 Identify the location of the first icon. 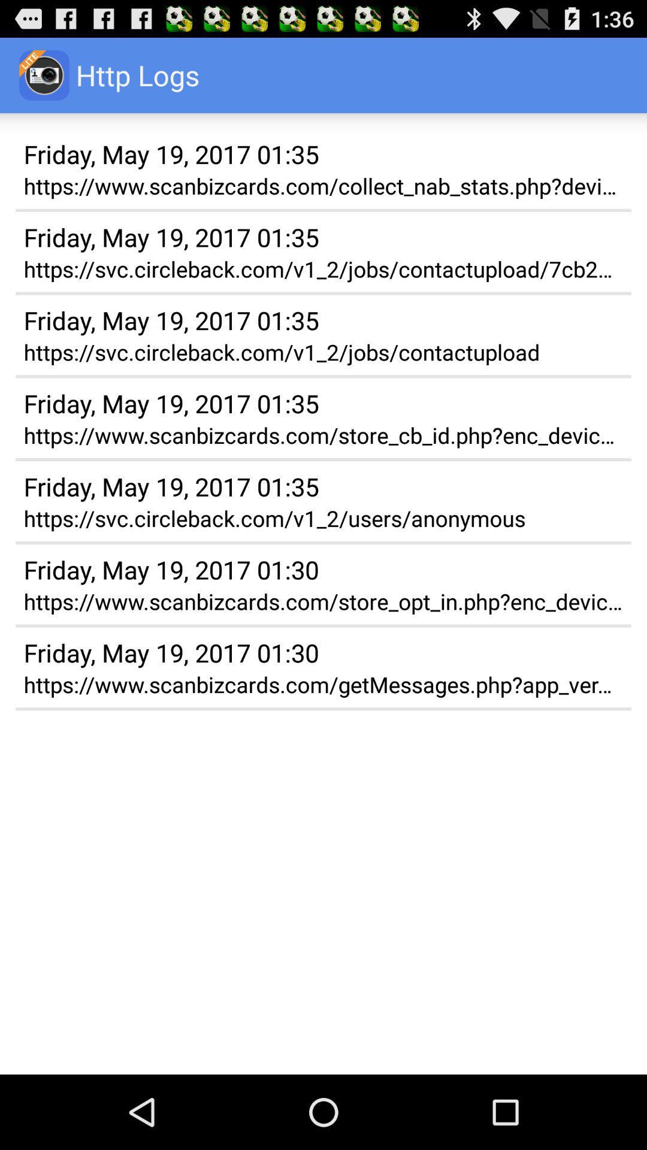
(43, 74).